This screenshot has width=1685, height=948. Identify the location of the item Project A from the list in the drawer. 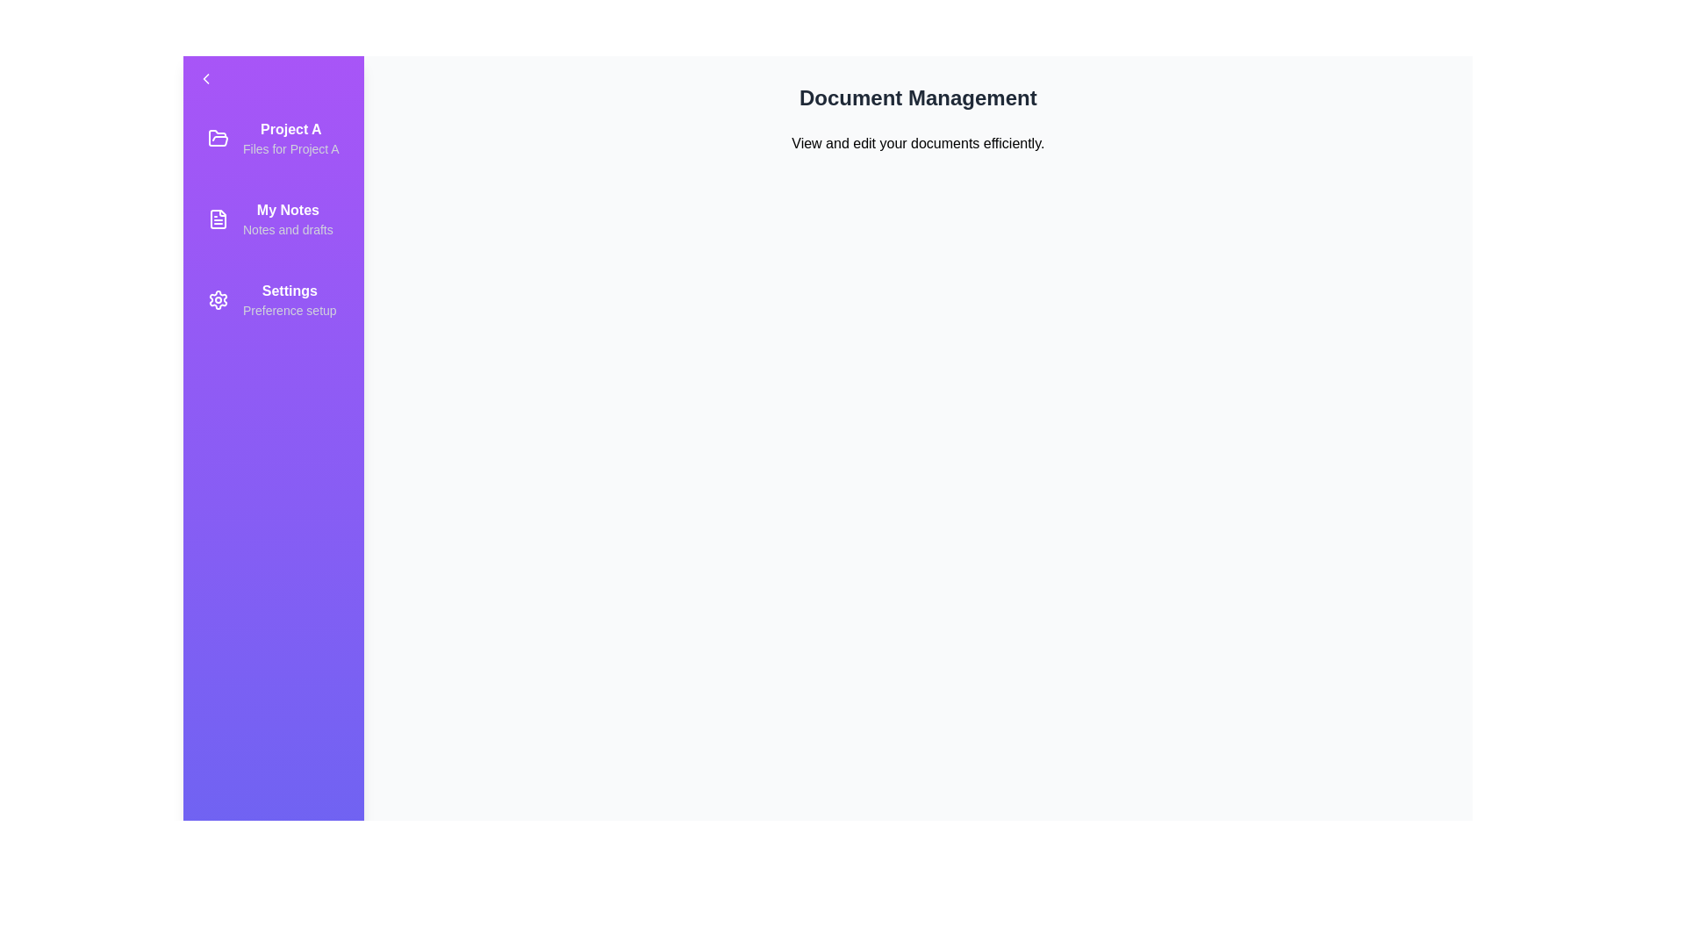
(272, 138).